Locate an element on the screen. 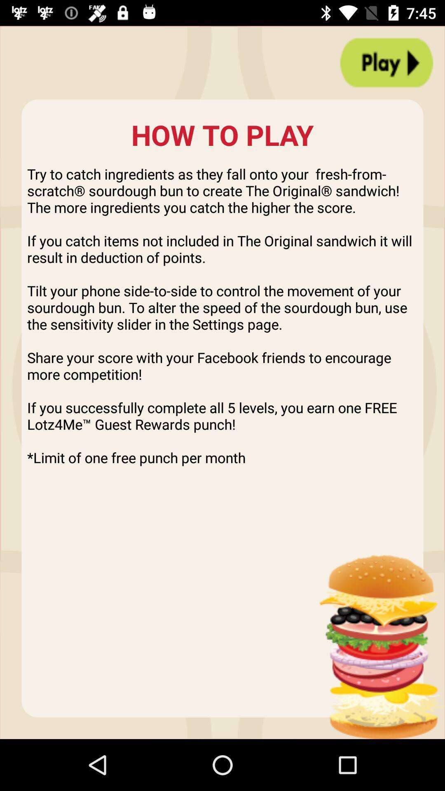 Image resolution: width=445 pixels, height=791 pixels. the button at the top right corner is located at coordinates (386, 62).